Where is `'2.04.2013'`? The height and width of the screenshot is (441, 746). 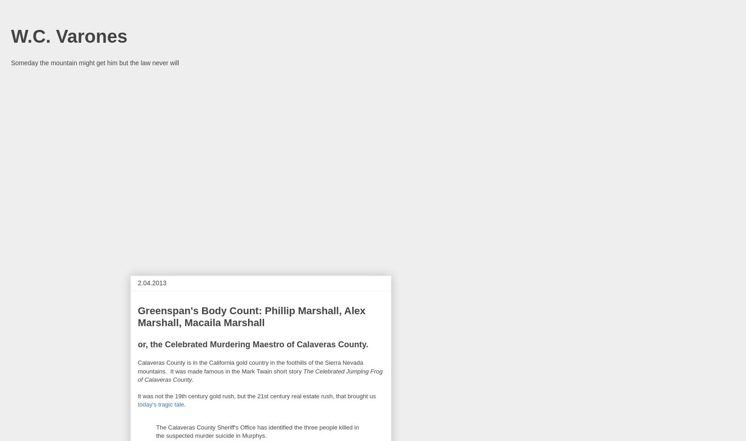 '2.04.2013' is located at coordinates (152, 283).